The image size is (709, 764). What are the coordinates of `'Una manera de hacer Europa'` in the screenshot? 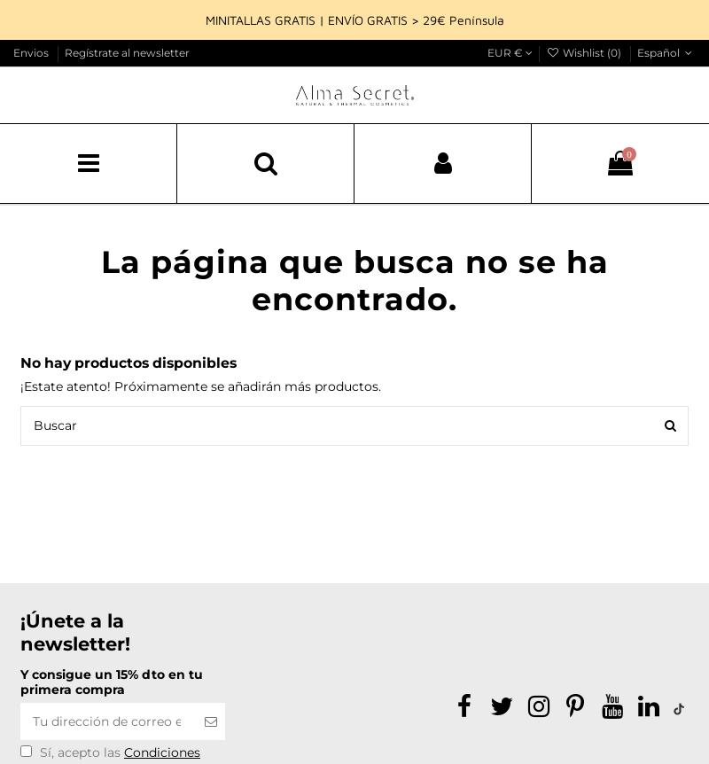 It's located at (35, 589).